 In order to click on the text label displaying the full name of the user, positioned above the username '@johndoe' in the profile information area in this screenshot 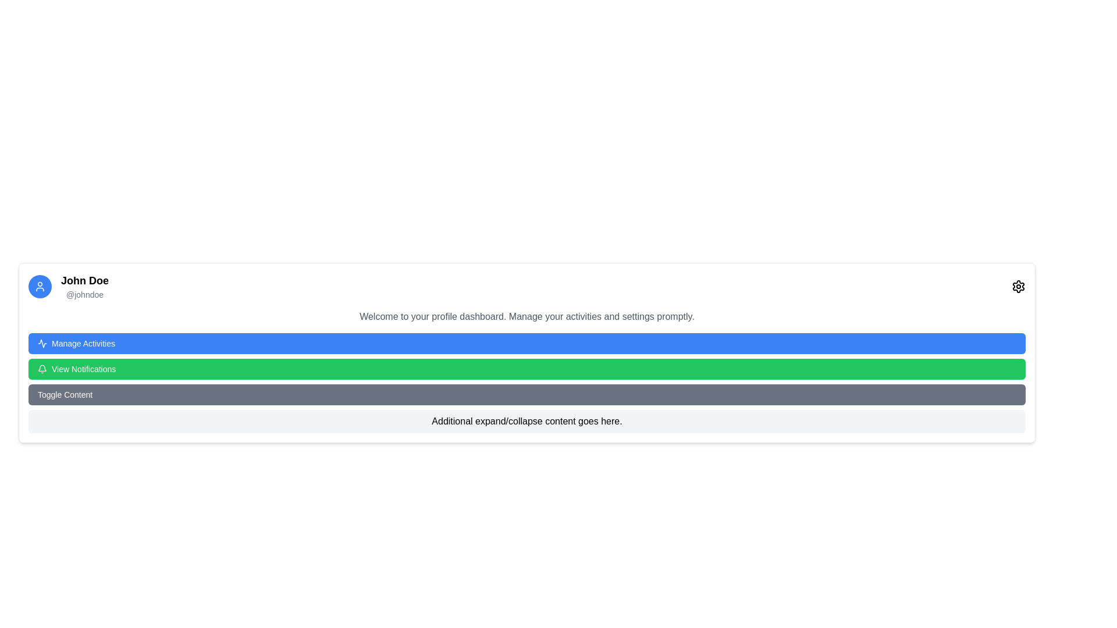, I will do `click(84, 280)`.